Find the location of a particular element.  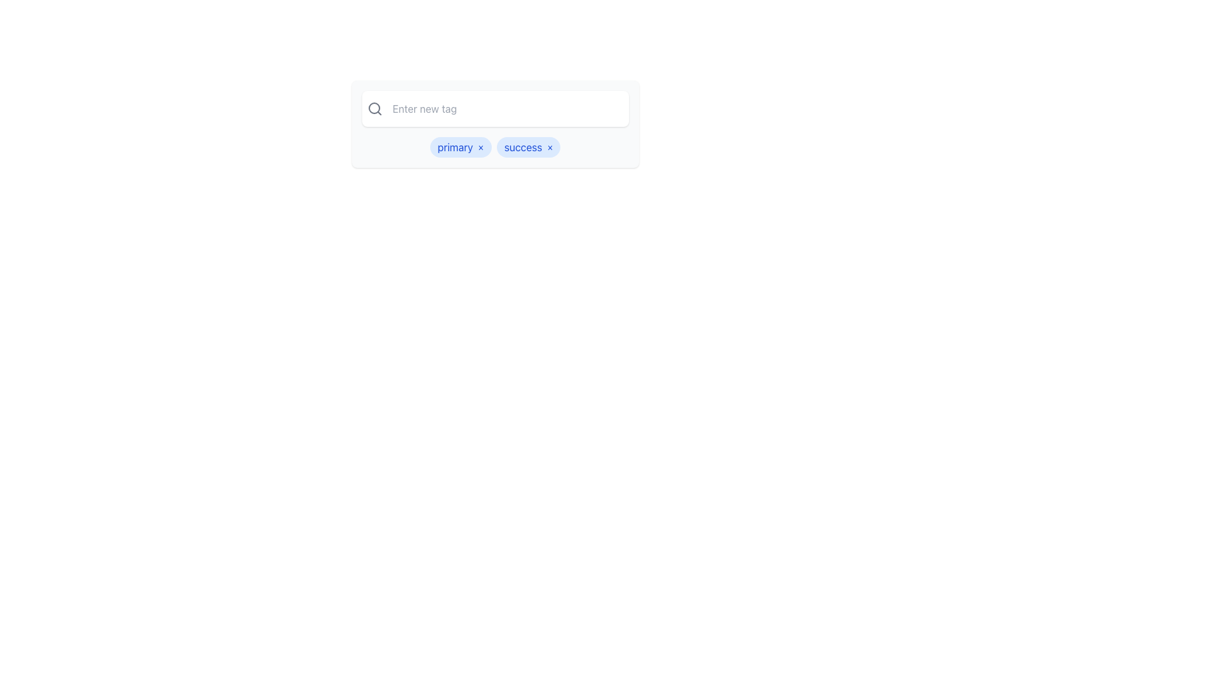

the close icon located at the far-right part of the primary badge is located at coordinates (480, 147).